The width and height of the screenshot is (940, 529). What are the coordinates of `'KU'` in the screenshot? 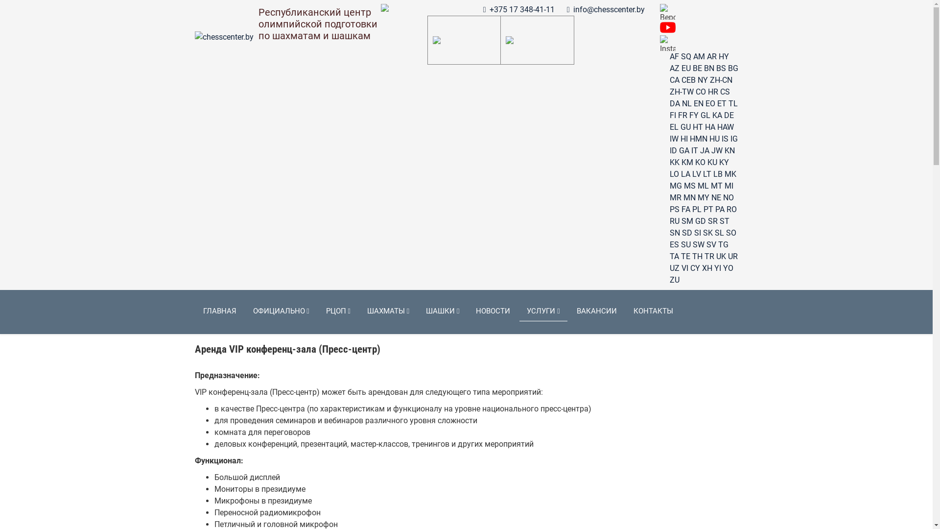 It's located at (712, 162).